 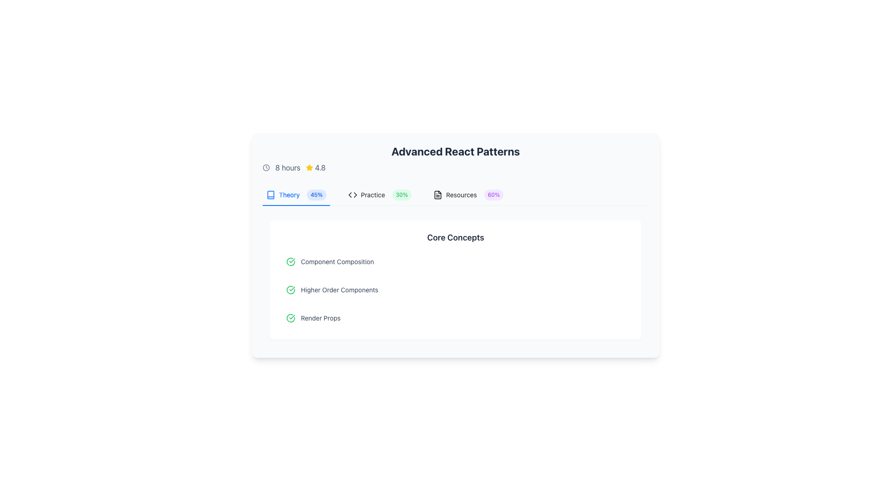 What do you see at coordinates (266, 168) in the screenshot?
I see `the time duration icon located at the top-left of the card layout, which visually represents '8 hours'` at bounding box center [266, 168].